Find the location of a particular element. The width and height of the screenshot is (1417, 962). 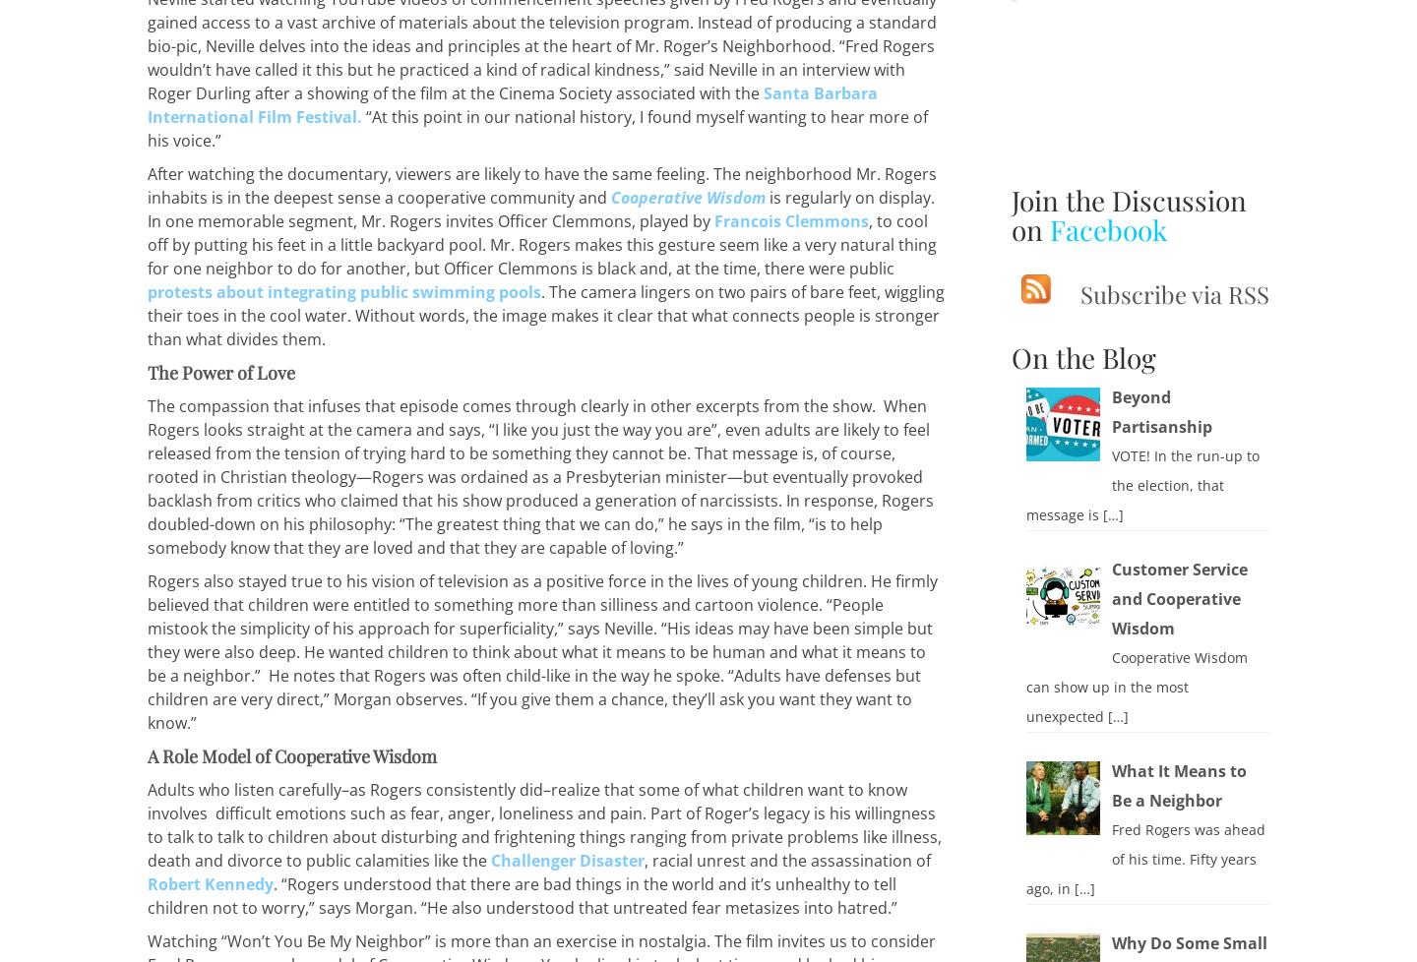

'Adults who listen carefully–as Rogers consistently did–realize that some of what children want to know involves  difficult emotions such as fear, anger, loneliness and pain. Part of Roger’s legacy is his willingness to talk to talk to children about disturbing and frightening things ranging from private problems like illness, death and divorce to public calamities like the' is located at coordinates (544, 824).